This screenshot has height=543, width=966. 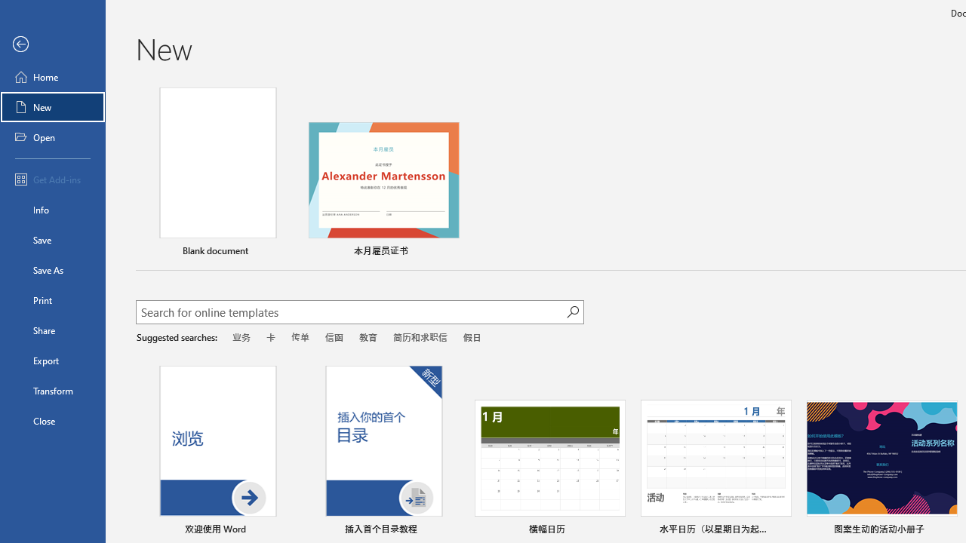 What do you see at coordinates (217, 173) in the screenshot?
I see `'Blank document'` at bounding box center [217, 173].